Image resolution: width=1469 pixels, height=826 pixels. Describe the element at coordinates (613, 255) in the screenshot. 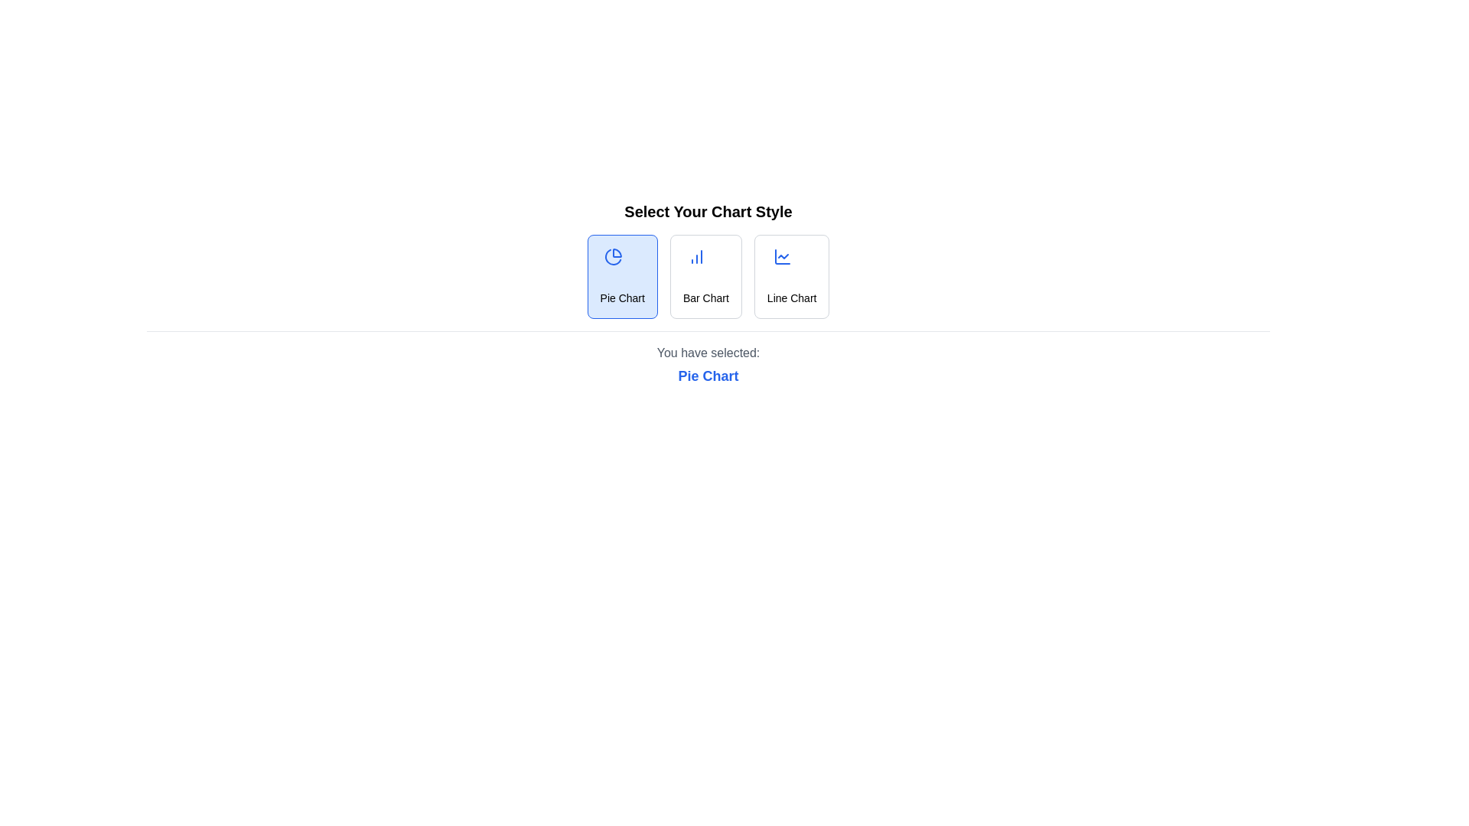

I see `the pie chart icon, which is the first icon on the left in the chart selection interface` at that location.